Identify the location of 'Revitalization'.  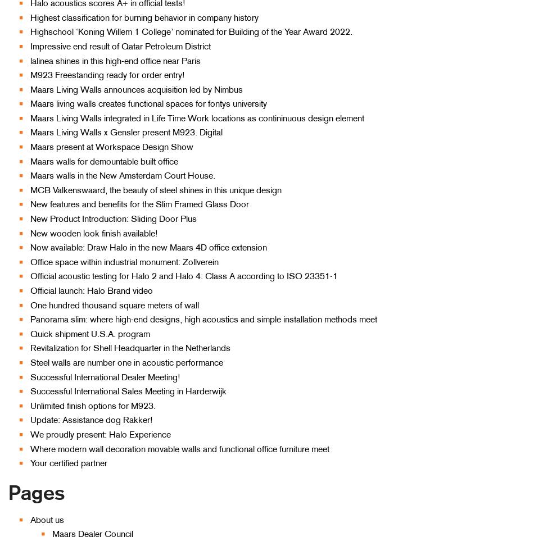
(296, 354).